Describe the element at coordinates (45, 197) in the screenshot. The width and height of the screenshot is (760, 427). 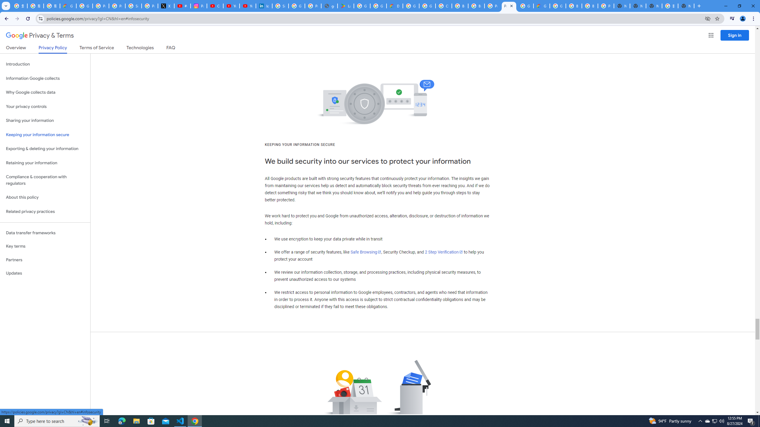
I see `'About this policy'` at that location.